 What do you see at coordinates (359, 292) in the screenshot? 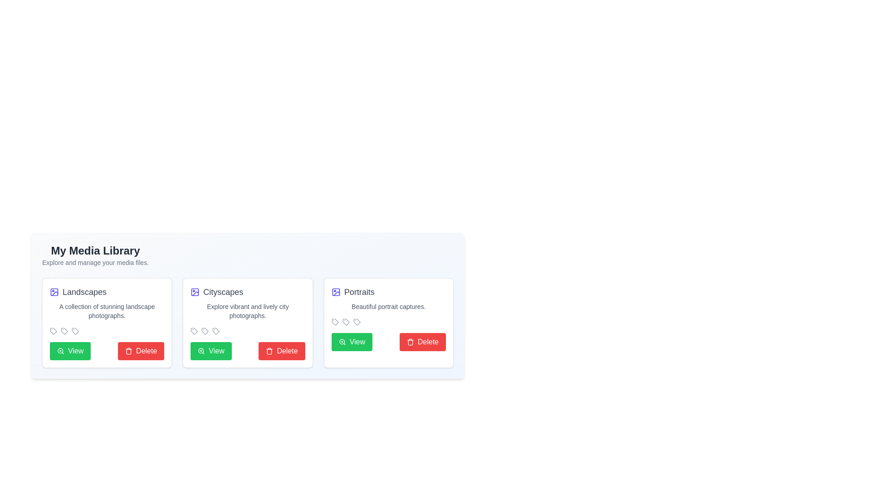
I see `text label located at the top of the rightmost media card, which serves as a title or heading for the associated content` at bounding box center [359, 292].